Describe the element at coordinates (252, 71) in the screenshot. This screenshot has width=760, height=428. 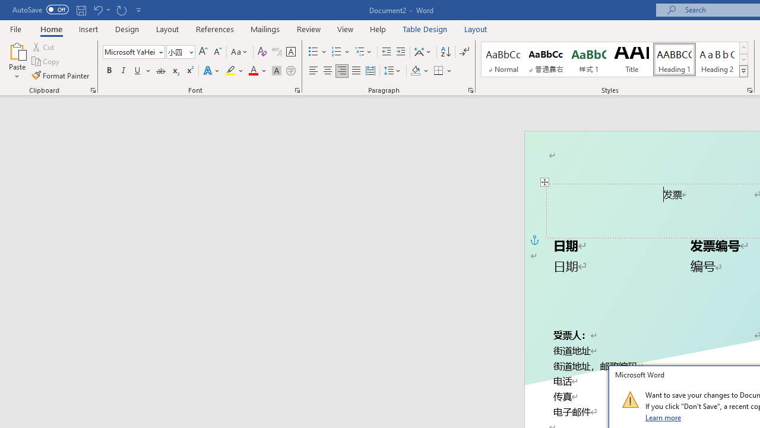
I see `'Font Color RGB(255, 0, 0)'` at that location.